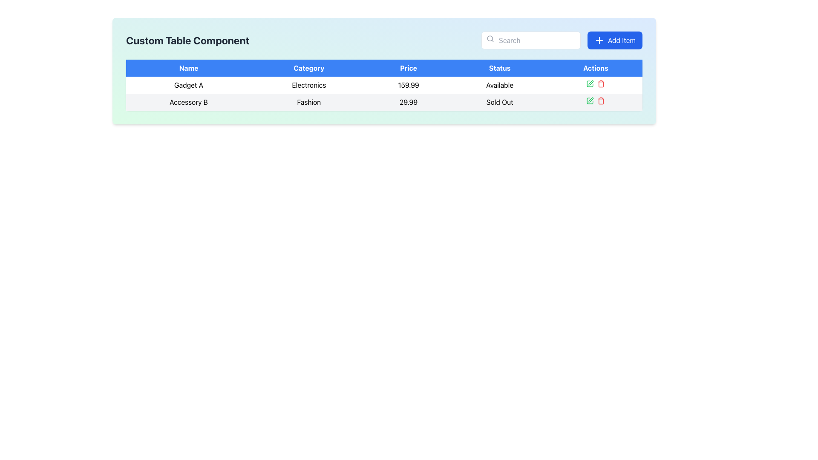 The height and width of the screenshot is (460, 818). Describe the element at coordinates (408, 67) in the screenshot. I see `the table header cell labeled 'Price', which is the third column header in the table with a blue background and white text` at that location.